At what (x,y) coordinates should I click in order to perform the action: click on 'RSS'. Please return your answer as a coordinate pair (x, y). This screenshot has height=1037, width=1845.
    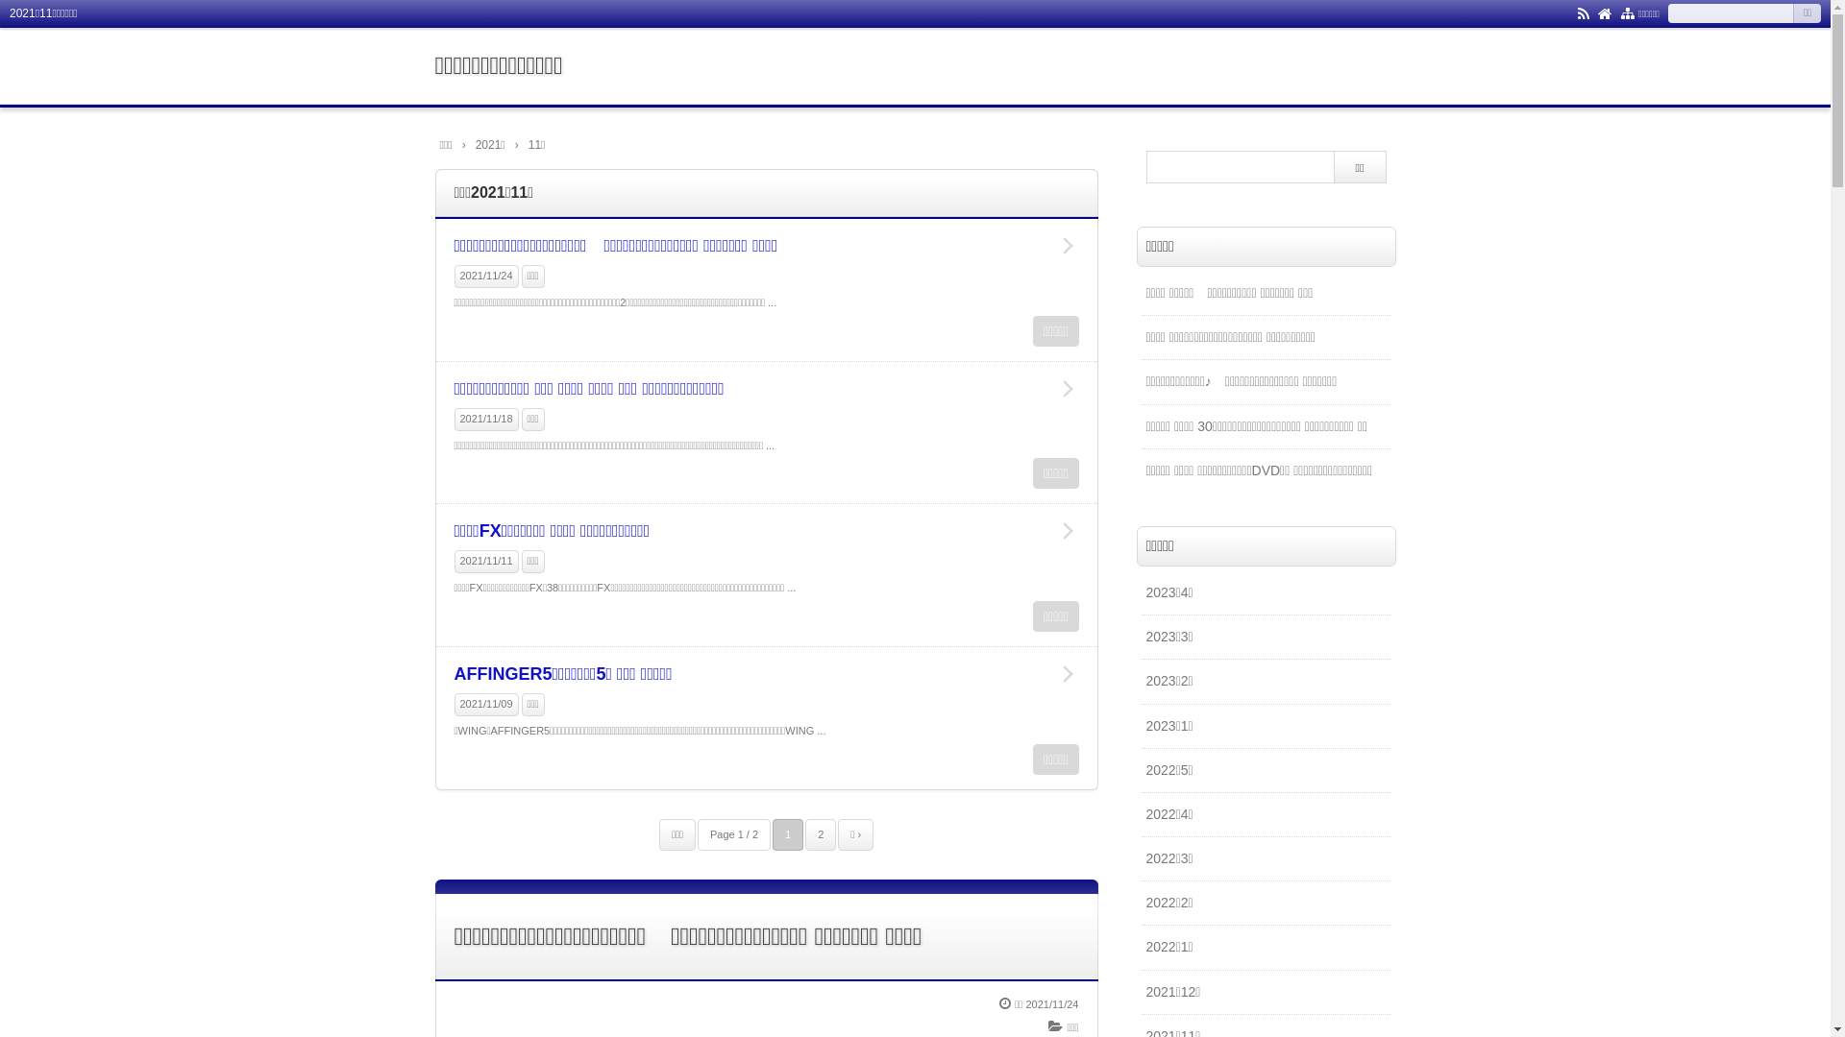
    Looking at the image, I should click on (1583, 12).